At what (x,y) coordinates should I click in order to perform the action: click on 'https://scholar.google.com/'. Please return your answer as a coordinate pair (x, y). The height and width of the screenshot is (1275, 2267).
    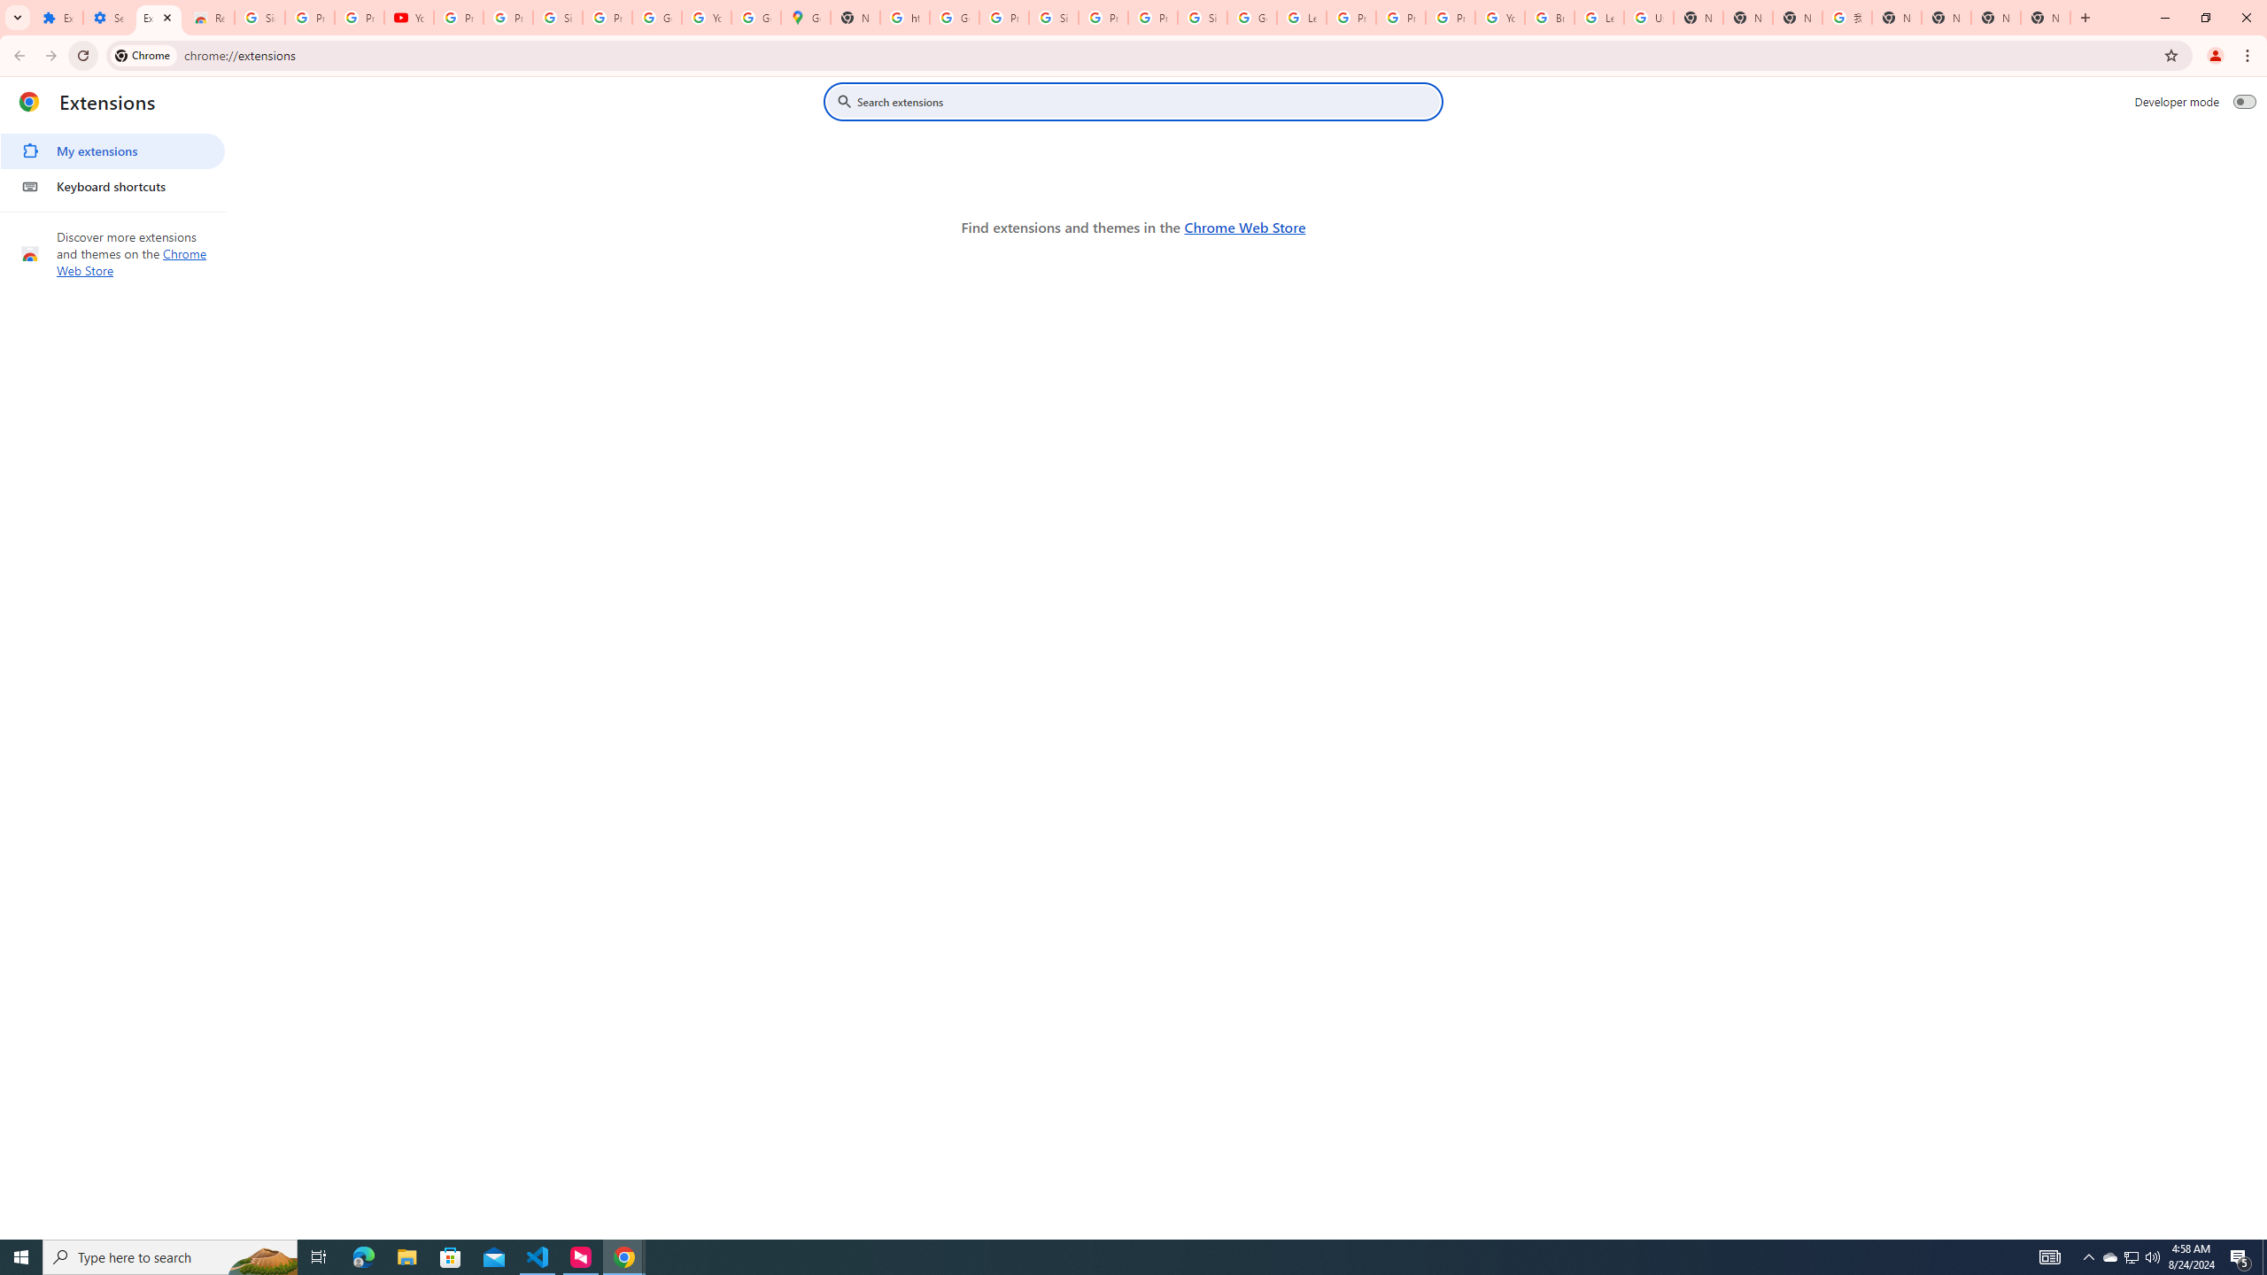
    Looking at the image, I should click on (905, 17).